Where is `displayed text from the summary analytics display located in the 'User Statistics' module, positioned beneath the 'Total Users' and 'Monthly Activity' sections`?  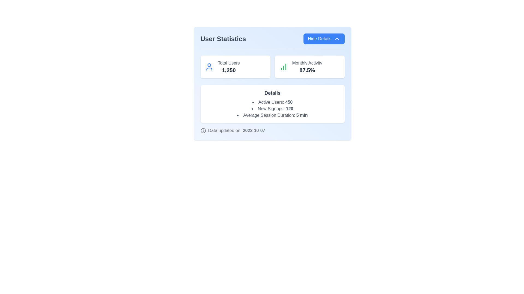 displayed text from the summary analytics display located in the 'User Statistics' module, positioned beneath the 'Total Users' and 'Monthly Activity' sections is located at coordinates (272, 104).